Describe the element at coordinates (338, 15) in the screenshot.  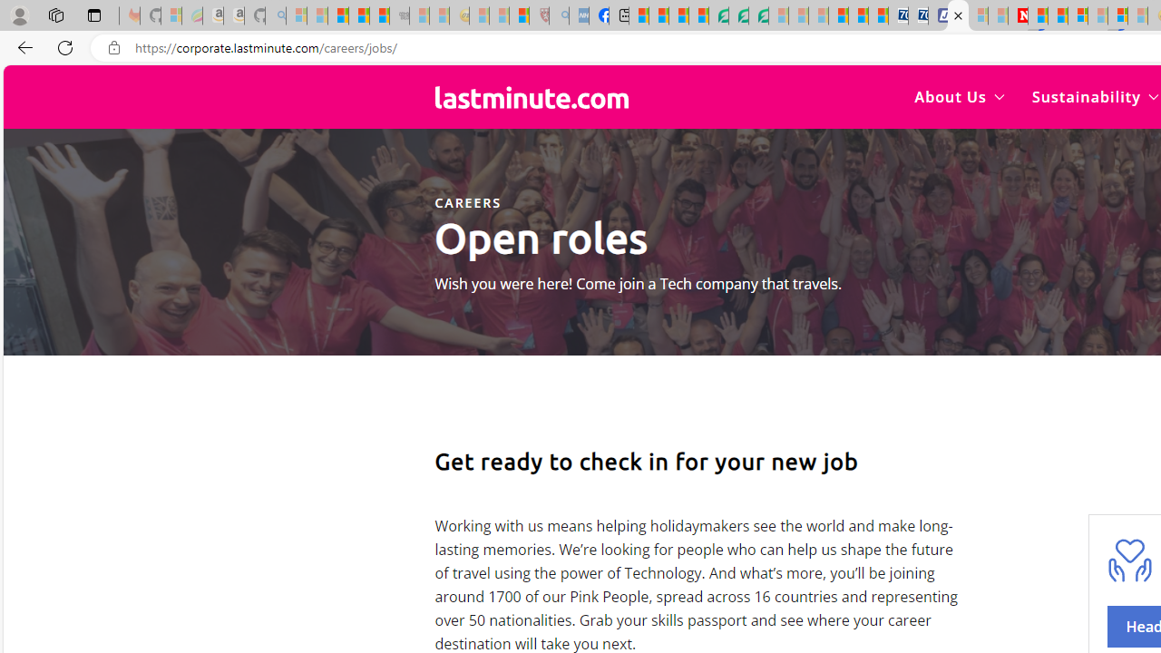
I see `'The Weather Channel - MSN'` at that location.